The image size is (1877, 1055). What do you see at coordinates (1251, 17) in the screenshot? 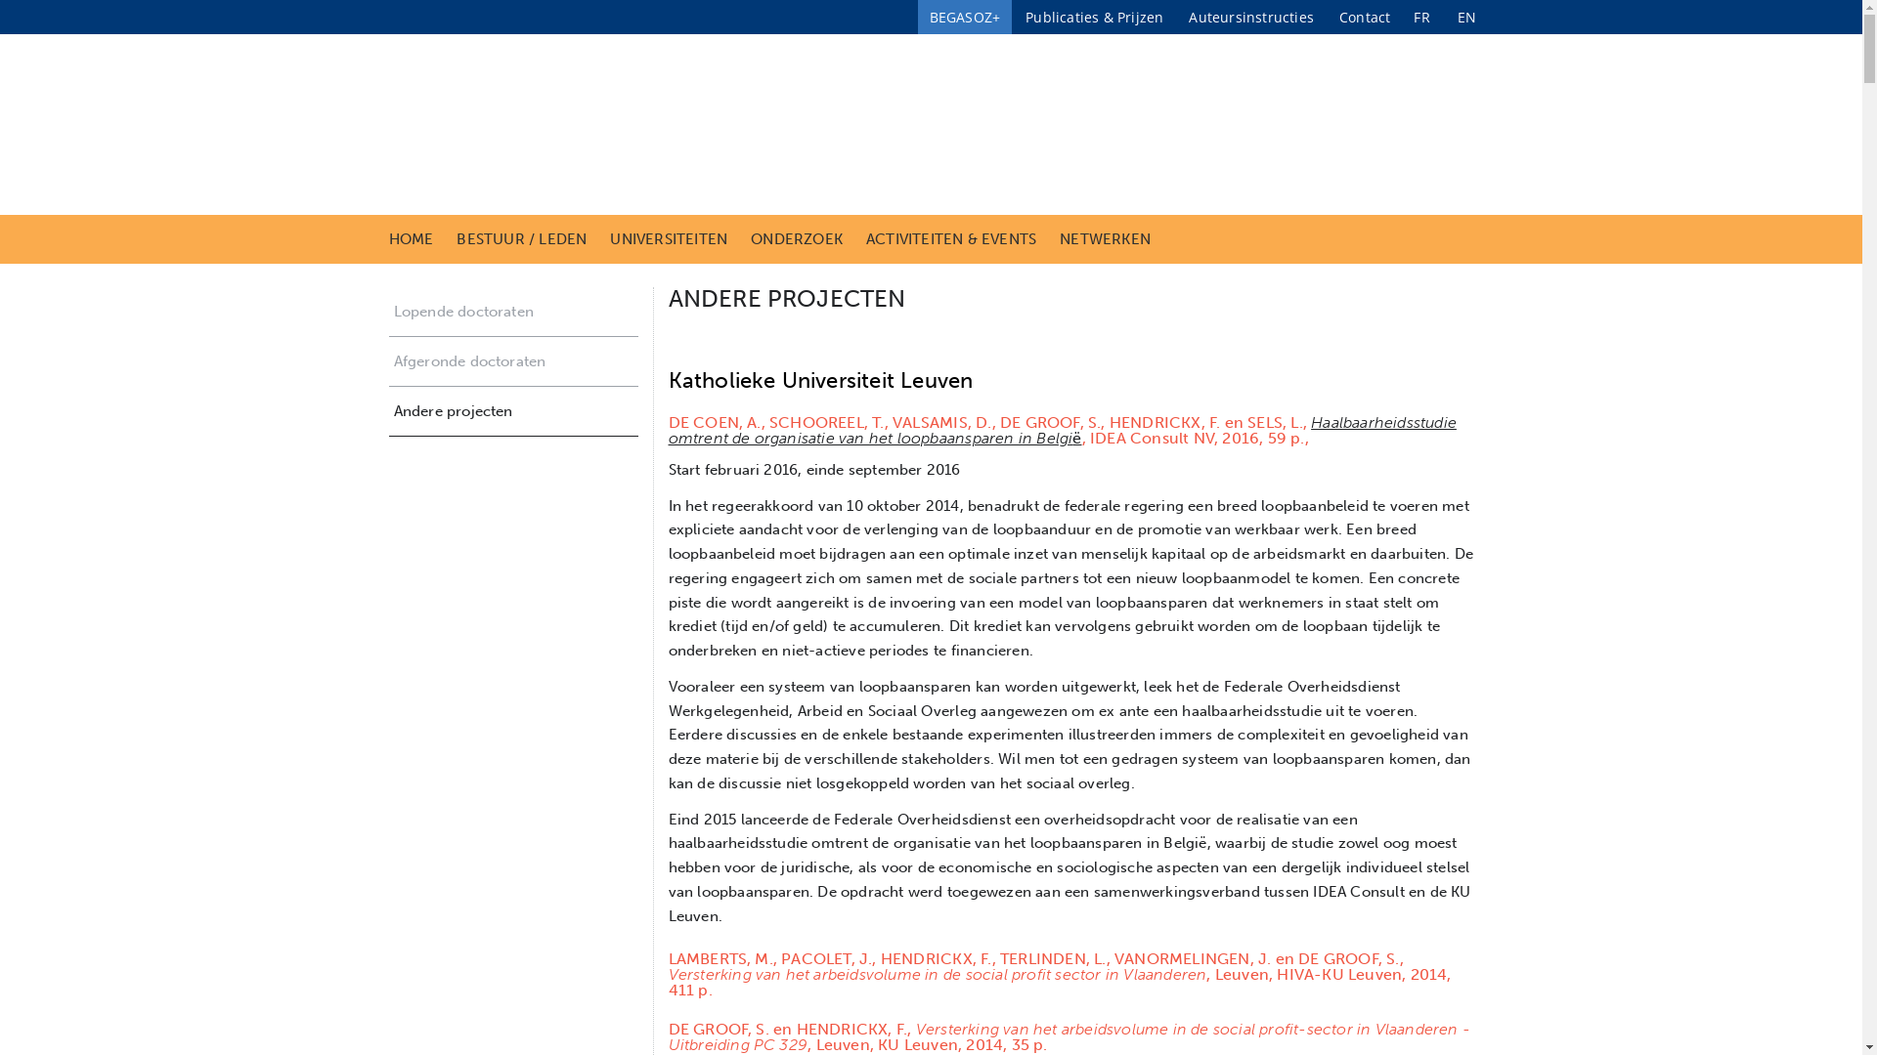
I see `'Auteursinstructies'` at bounding box center [1251, 17].